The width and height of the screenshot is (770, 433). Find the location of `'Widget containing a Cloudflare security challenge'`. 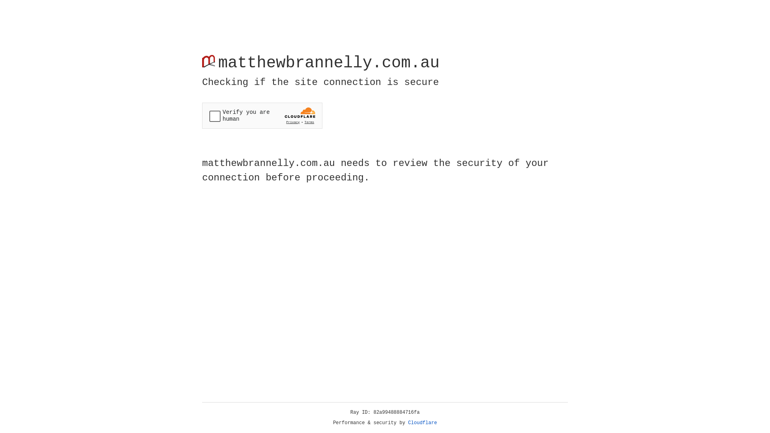

'Widget containing a Cloudflare security challenge' is located at coordinates (262, 115).